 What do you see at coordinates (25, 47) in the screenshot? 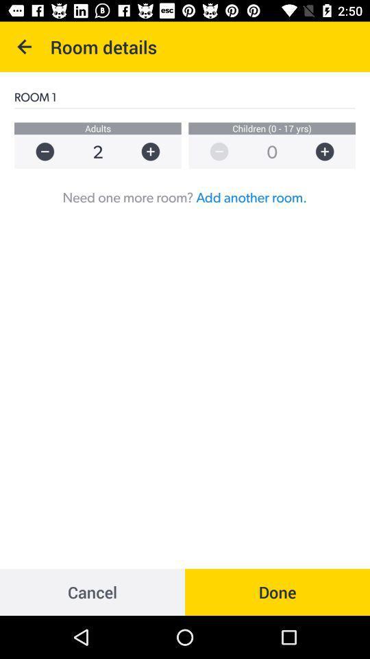
I see `the icon next to the room details` at bounding box center [25, 47].